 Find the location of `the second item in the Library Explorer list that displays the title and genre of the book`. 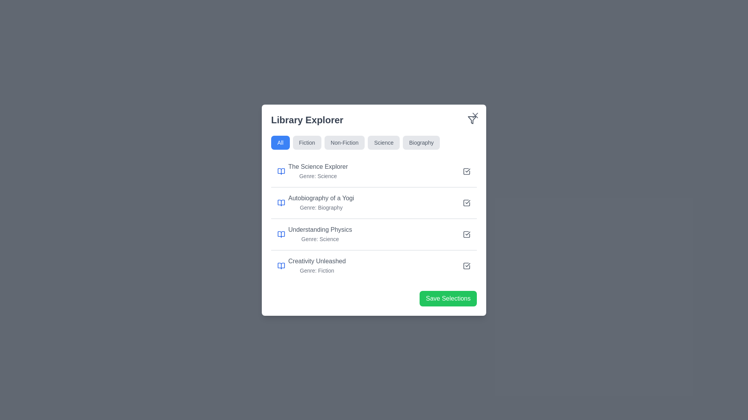

the second item in the Library Explorer list that displays the title and genre of the book is located at coordinates (316, 202).